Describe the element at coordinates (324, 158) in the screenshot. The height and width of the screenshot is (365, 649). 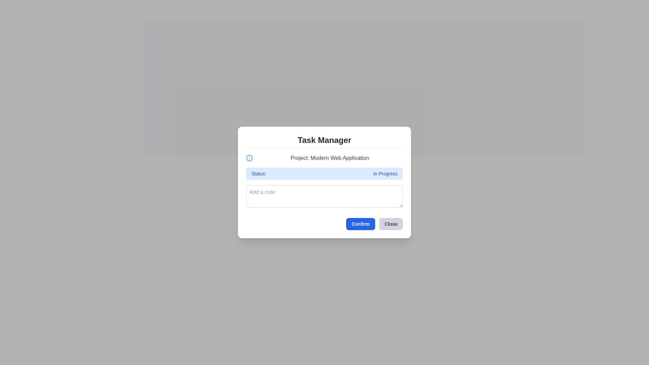
I see `the static informational line displaying the text 'Project: Modern Web Application' with an info icon, located near the top of the modal dialog below 'Task Manager'` at that location.